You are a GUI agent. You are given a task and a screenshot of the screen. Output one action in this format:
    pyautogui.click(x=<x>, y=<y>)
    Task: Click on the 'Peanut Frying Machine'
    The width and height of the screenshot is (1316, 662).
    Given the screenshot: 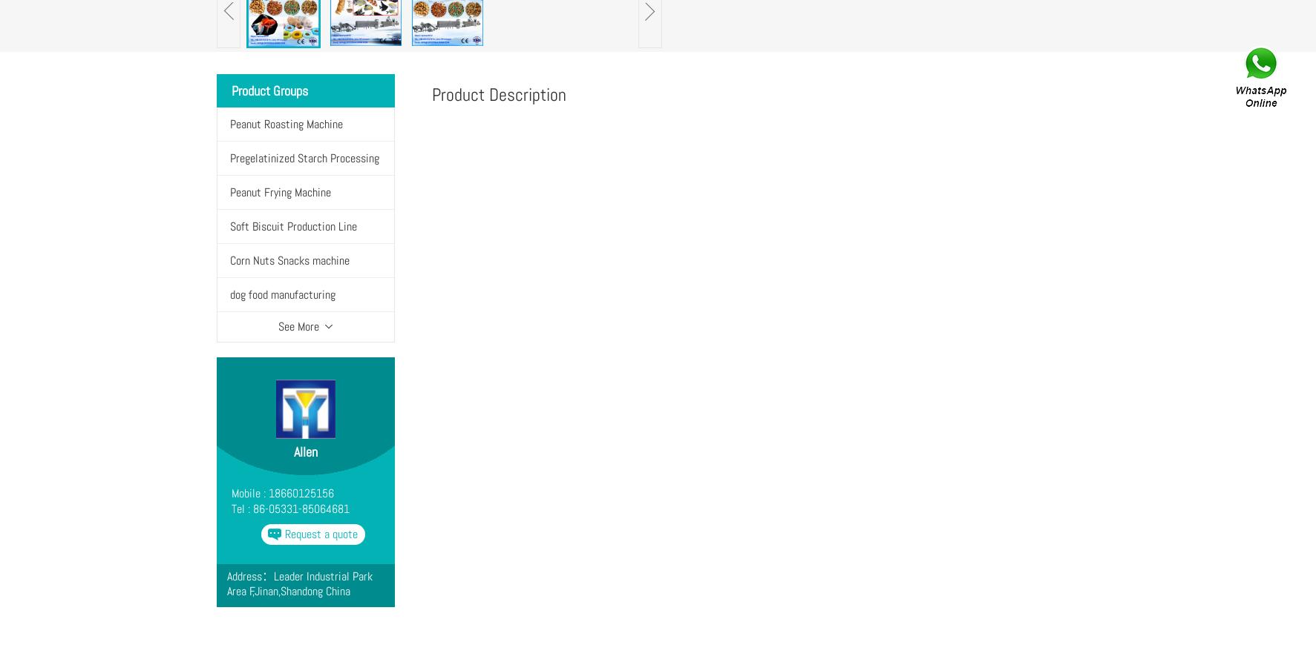 What is the action you would take?
    pyautogui.click(x=279, y=191)
    